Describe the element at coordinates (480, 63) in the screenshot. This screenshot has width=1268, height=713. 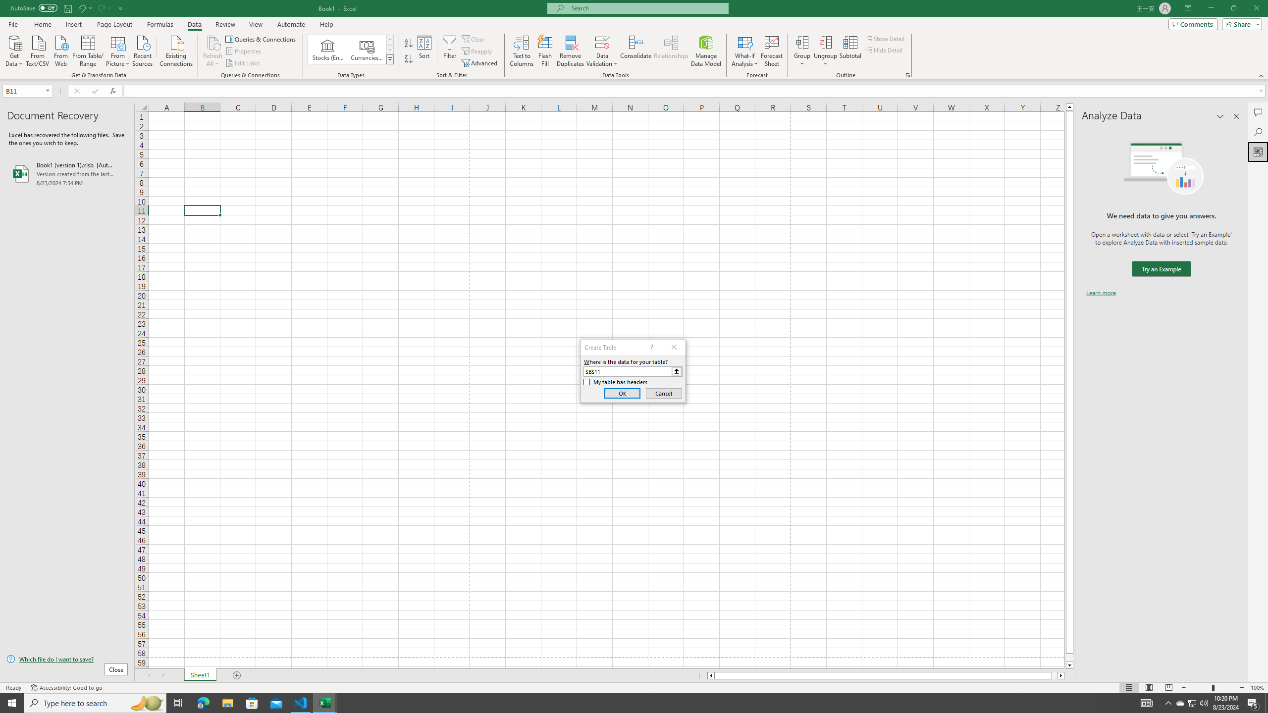
I see `'Advanced...'` at that location.